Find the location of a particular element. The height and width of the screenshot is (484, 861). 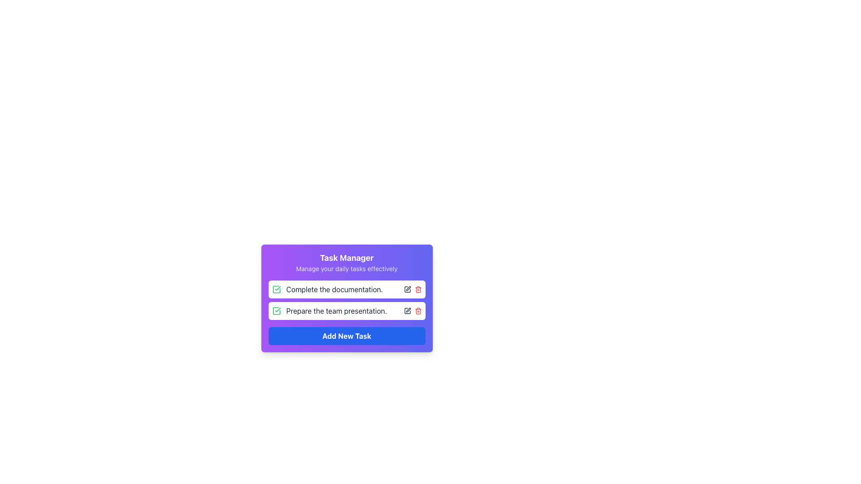

the first checkbox is located at coordinates (276, 289).